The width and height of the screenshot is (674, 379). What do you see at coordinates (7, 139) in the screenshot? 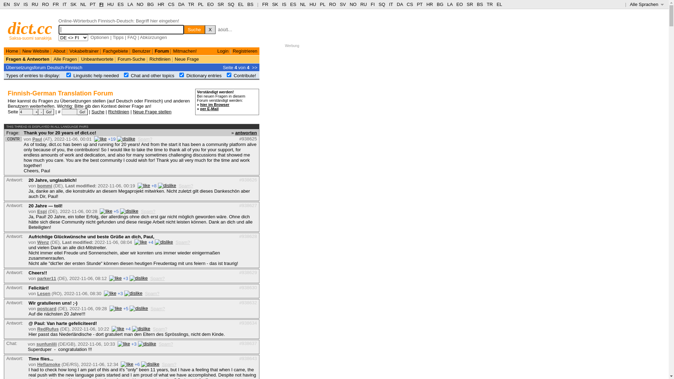
I see `'CONTR'` at bounding box center [7, 139].